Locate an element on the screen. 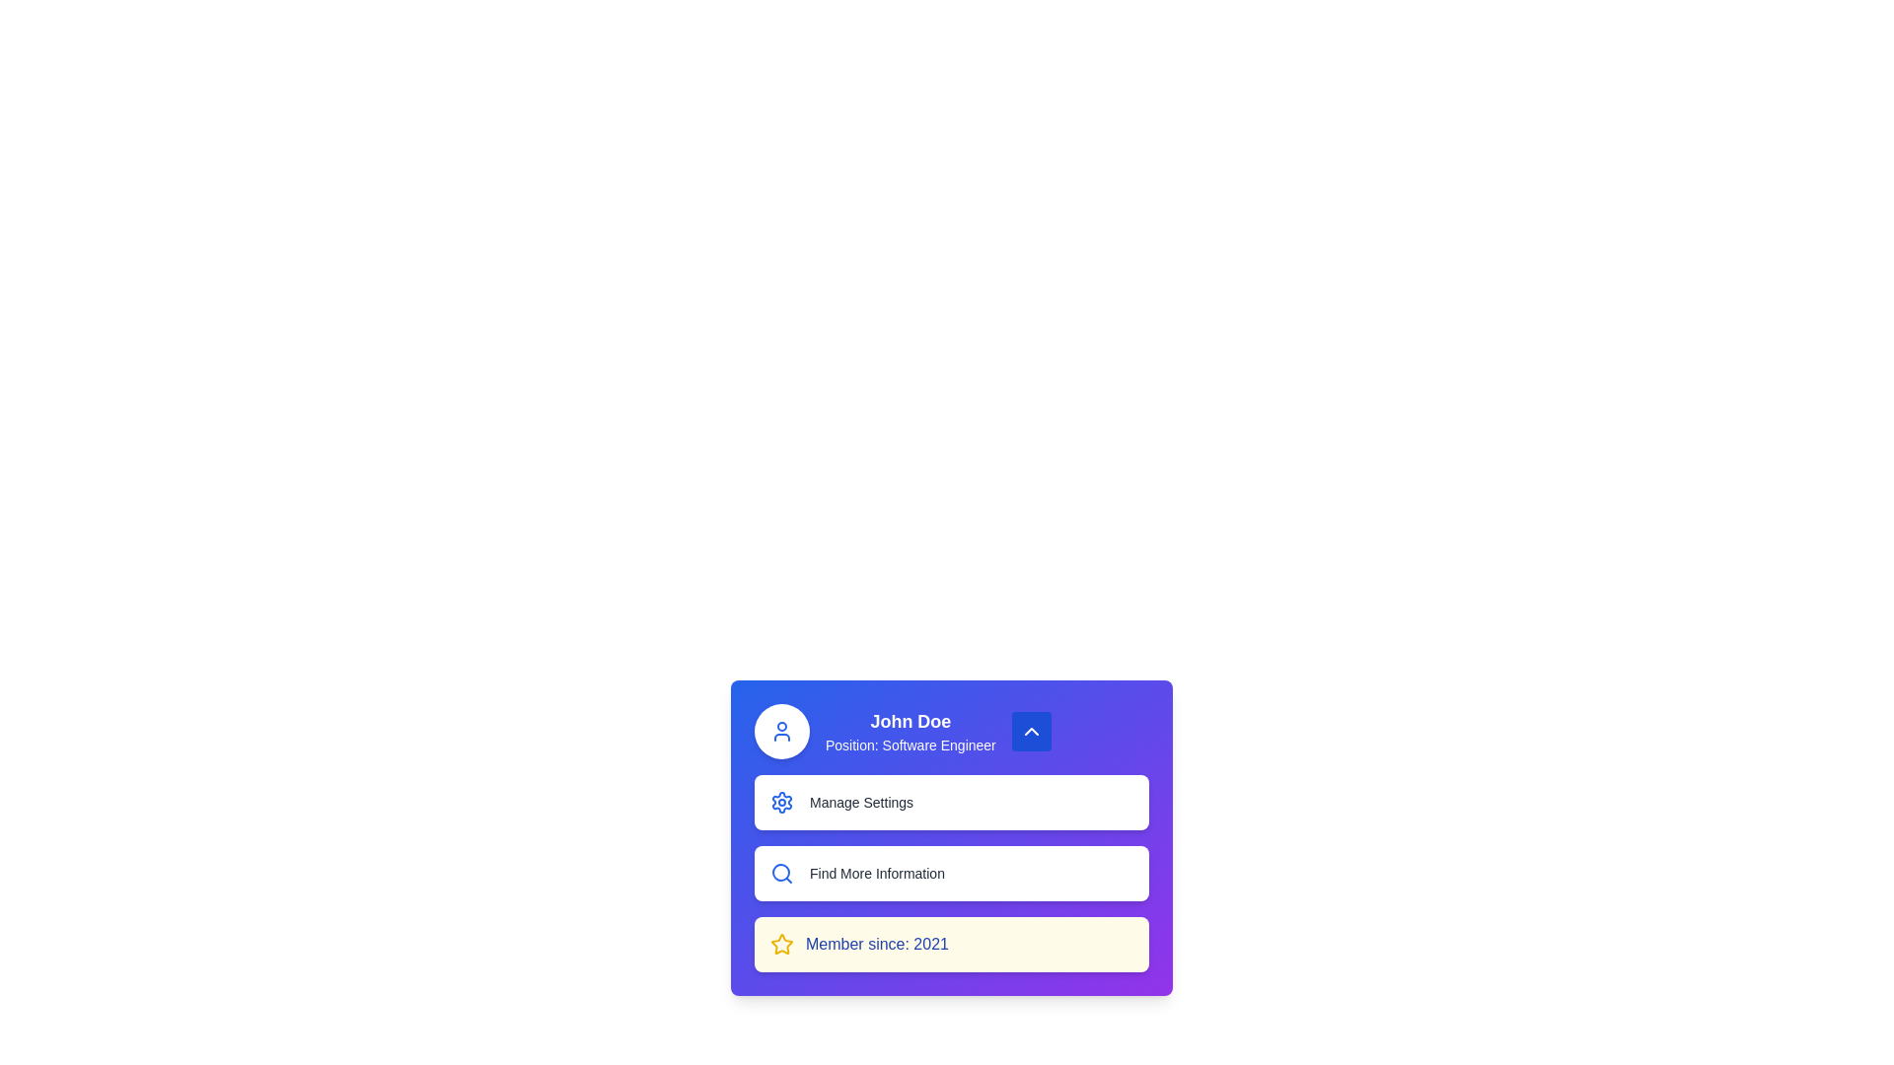 The height and width of the screenshot is (1065, 1894). the 'Manage Settings' text label located to the right of the gear icon within a vertical menu structure below the user profile section is located at coordinates (861, 802).